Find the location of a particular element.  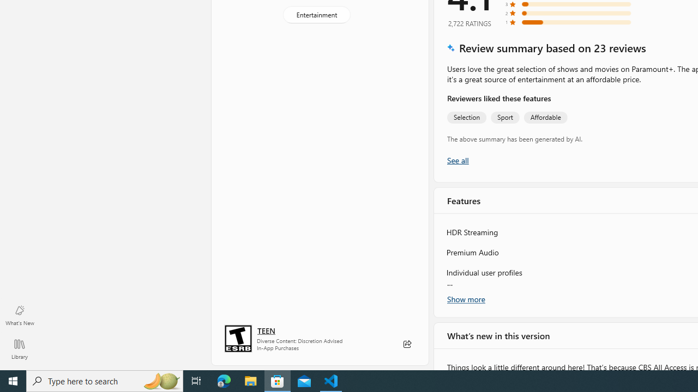

'Age rating: TEEN. Click for more information.' is located at coordinates (266, 329).